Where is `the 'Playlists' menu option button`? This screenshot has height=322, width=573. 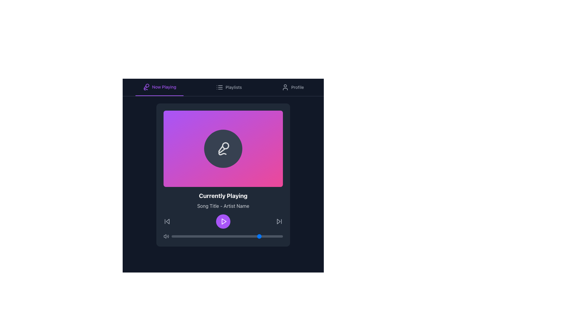 the 'Playlists' menu option button is located at coordinates (229, 87).